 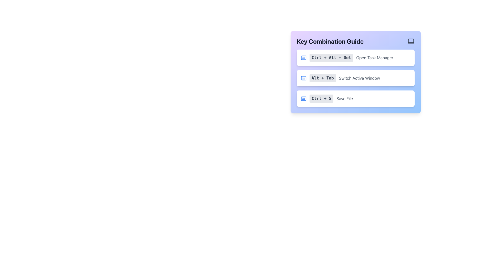 I want to click on the static text label that represents the keyboard shortcut 'Alt + Tab', which is centrally aligned and located between 'Ctrl + Alt + Del' and 'Ctrl + S', so click(x=322, y=78).